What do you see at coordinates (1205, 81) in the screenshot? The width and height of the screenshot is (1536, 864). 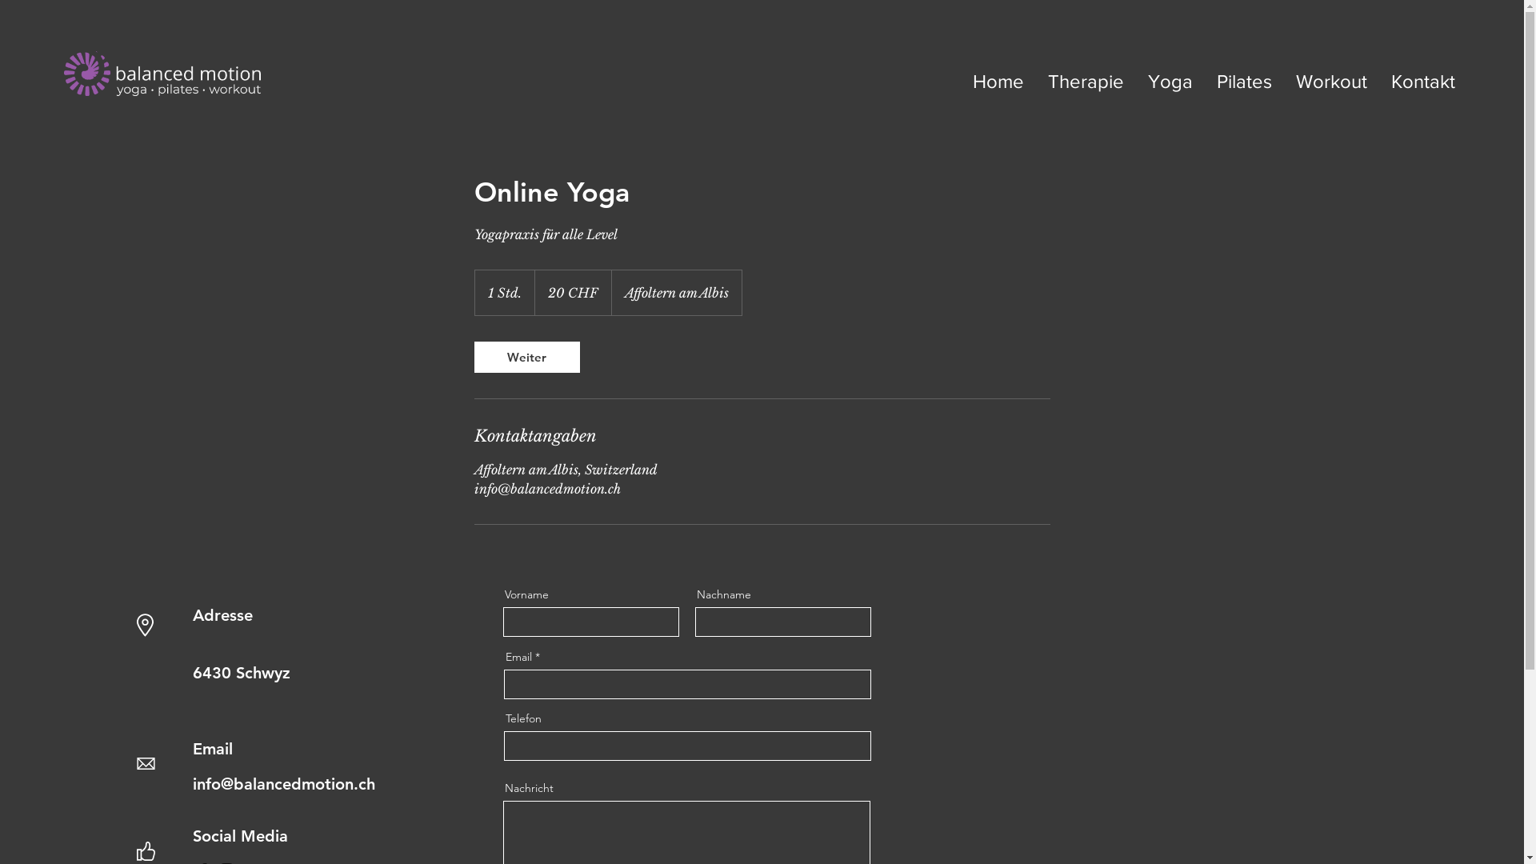 I see `'Pilates'` at bounding box center [1205, 81].